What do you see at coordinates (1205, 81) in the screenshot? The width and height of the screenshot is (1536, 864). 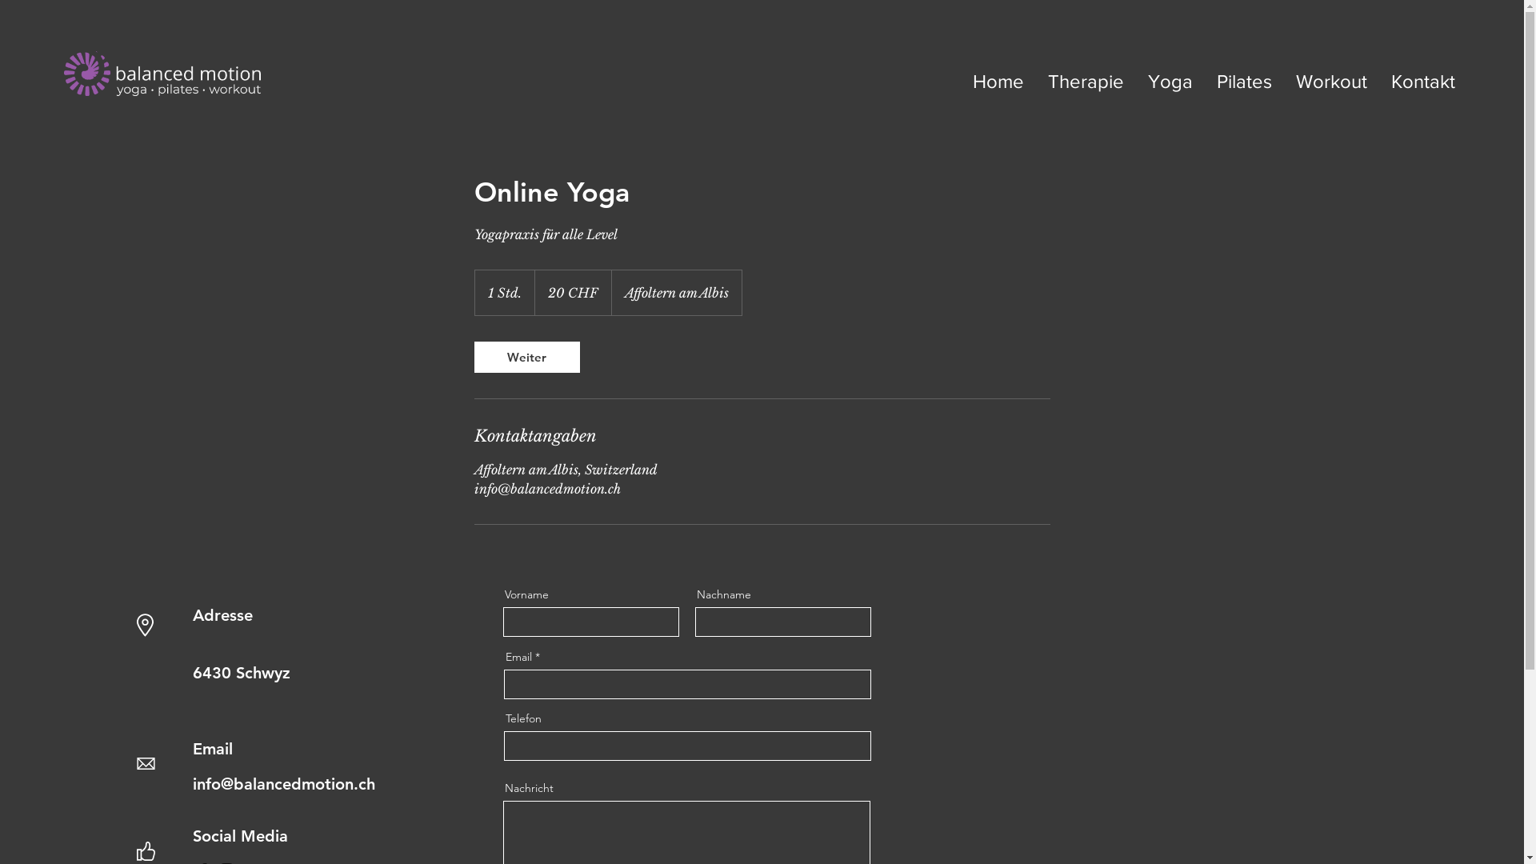 I see `'Pilates'` at bounding box center [1205, 81].